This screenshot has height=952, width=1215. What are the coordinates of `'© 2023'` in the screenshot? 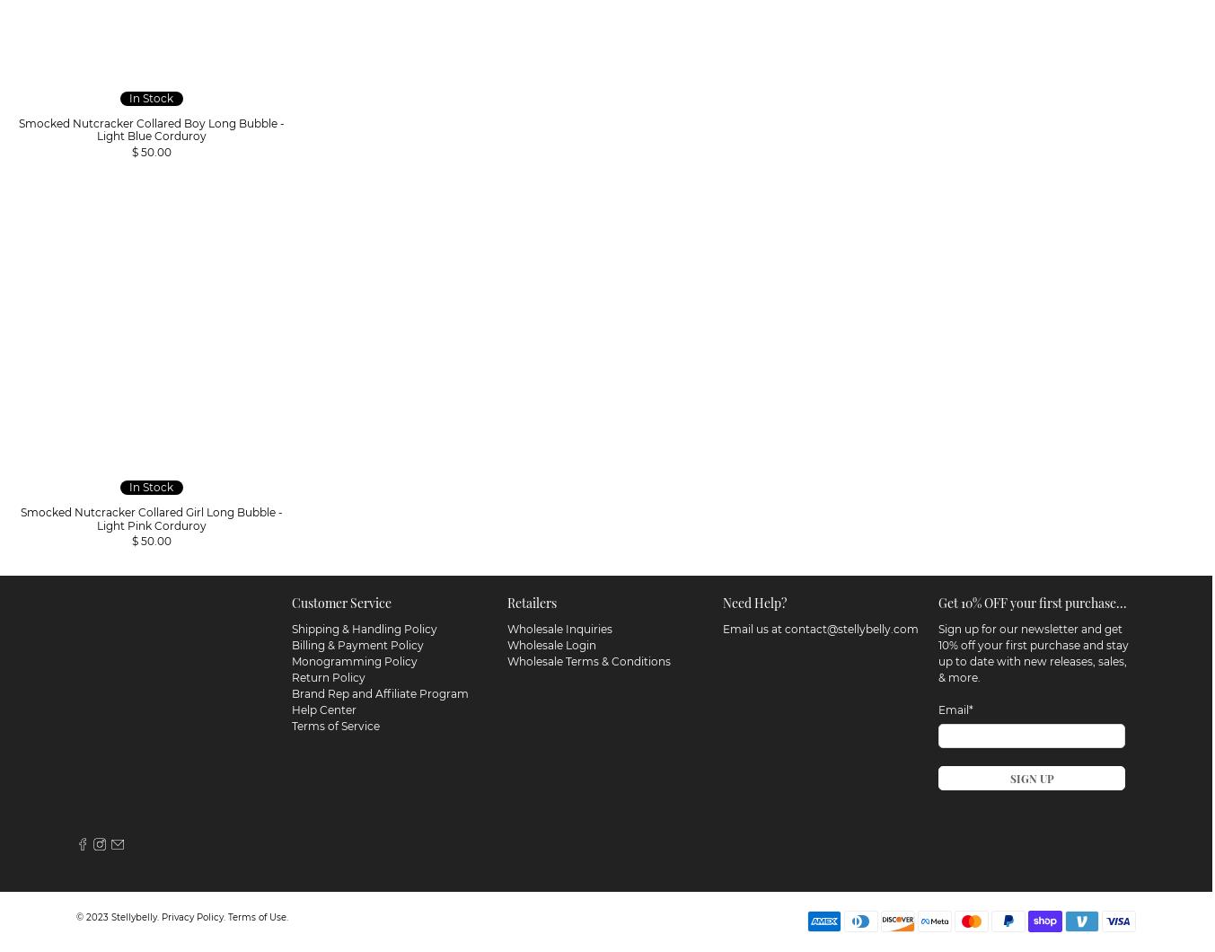 It's located at (93, 913).